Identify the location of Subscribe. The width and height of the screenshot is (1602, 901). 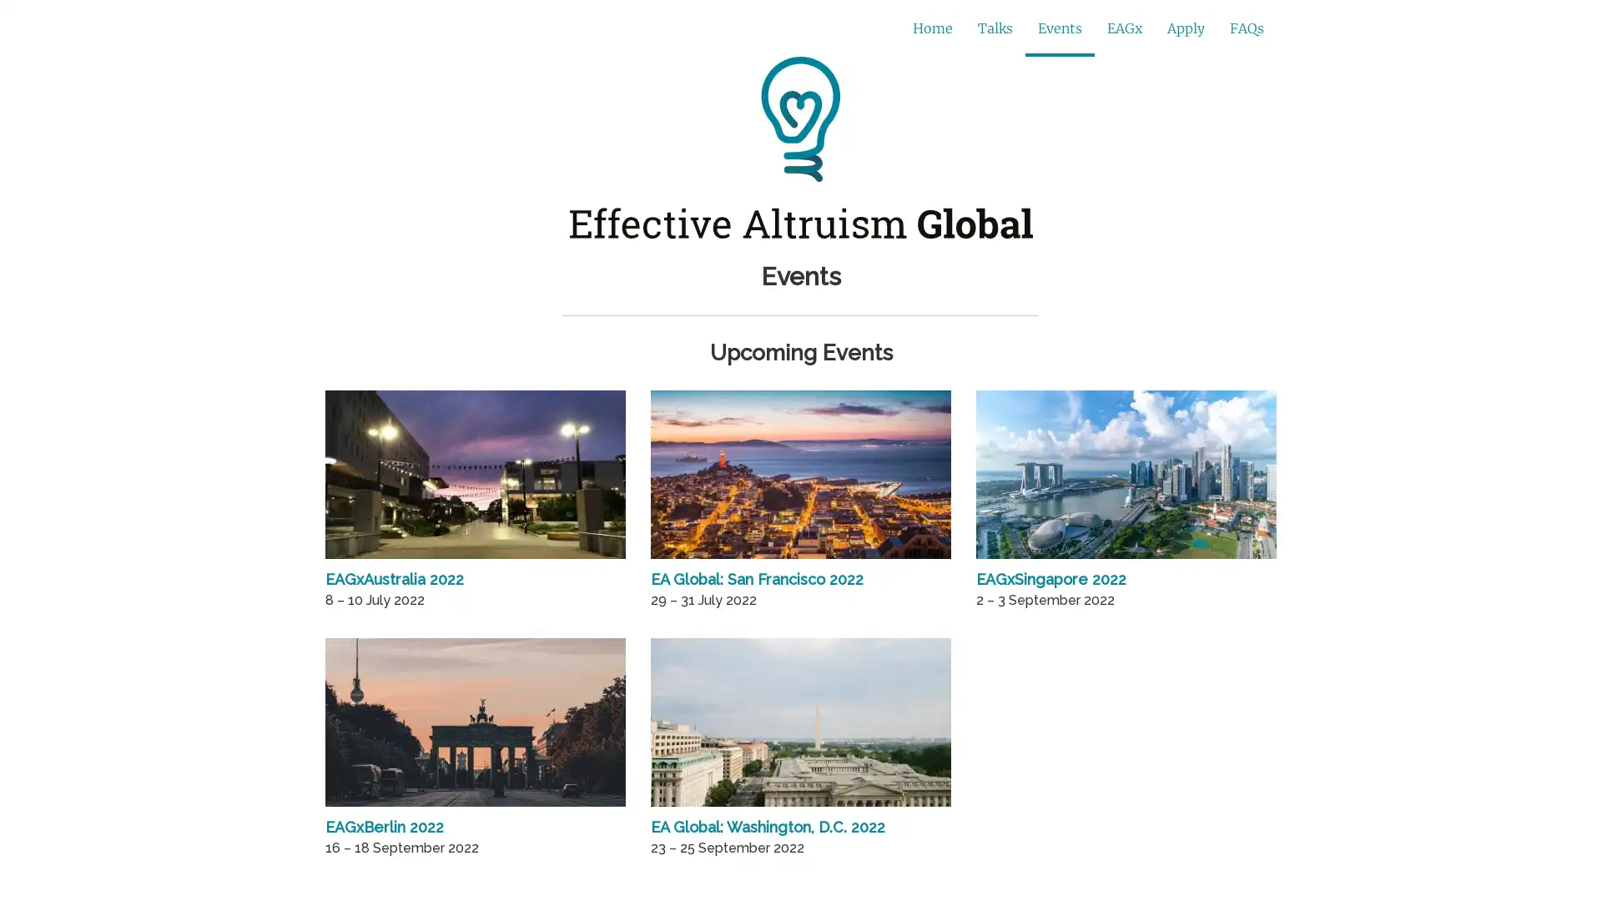
(1032, 29).